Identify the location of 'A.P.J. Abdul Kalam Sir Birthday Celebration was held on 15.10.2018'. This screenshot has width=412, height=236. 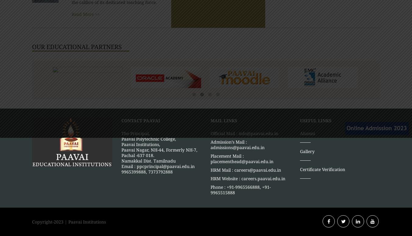
(280, 220).